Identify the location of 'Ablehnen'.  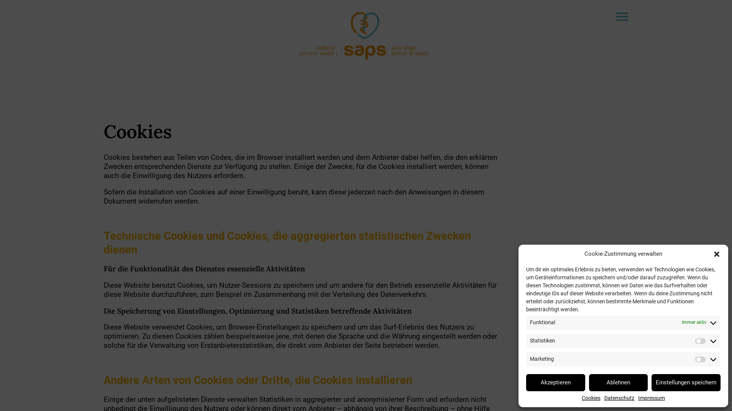
(618, 382).